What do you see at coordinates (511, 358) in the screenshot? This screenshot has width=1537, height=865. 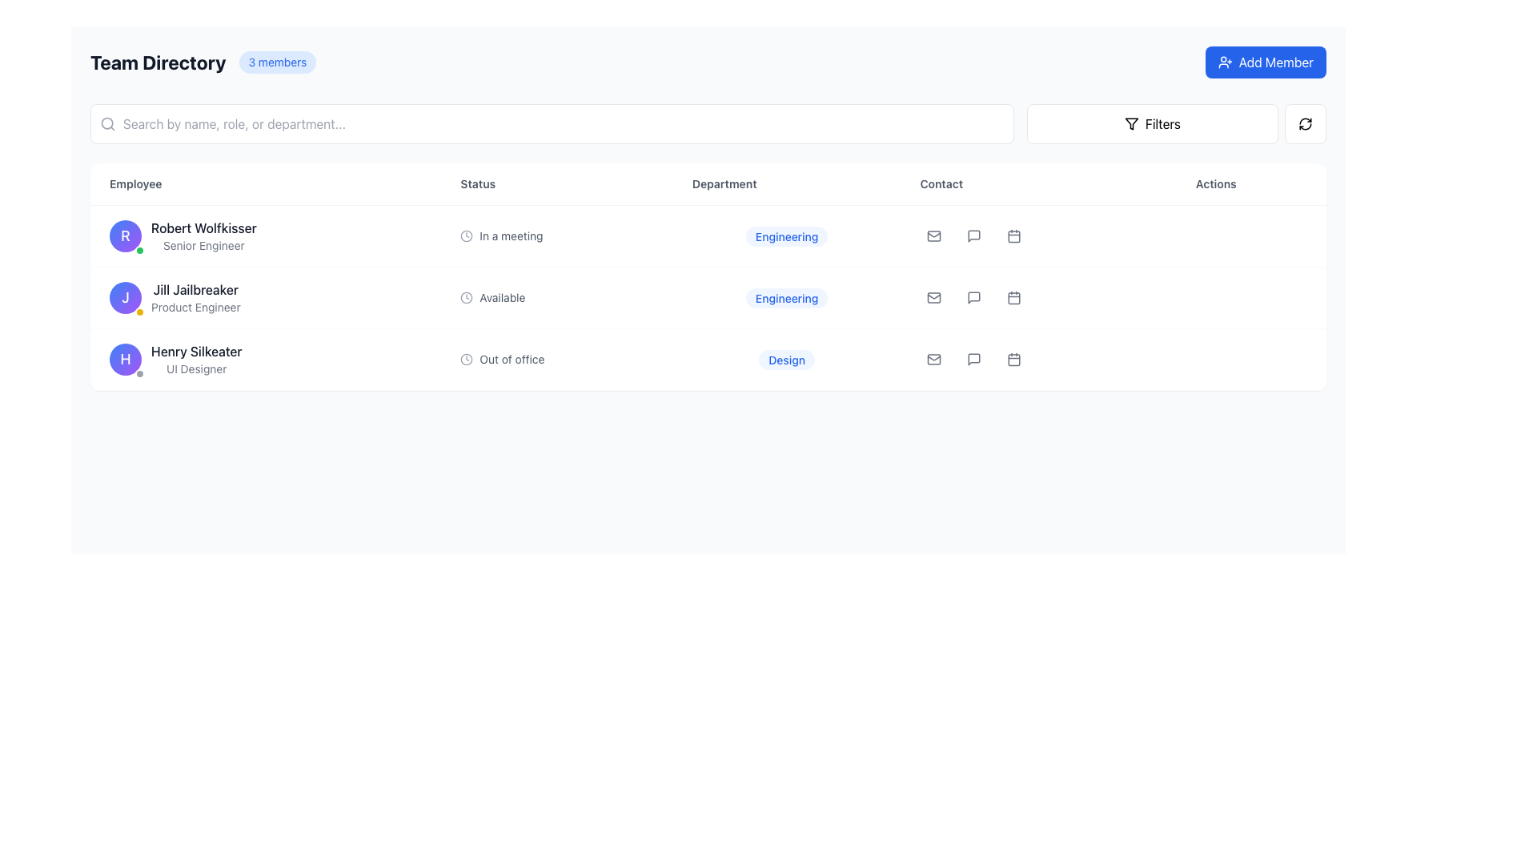 I see `the text label reading 'Out of office' which is styled with a small font size and gray color, located in the third row of the 'Status' column in a tabular layout` at bounding box center [511, 358].